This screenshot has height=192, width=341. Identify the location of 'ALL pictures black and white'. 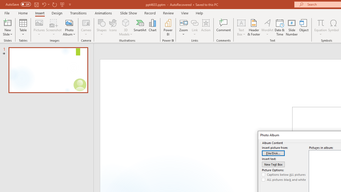
(283, 179).